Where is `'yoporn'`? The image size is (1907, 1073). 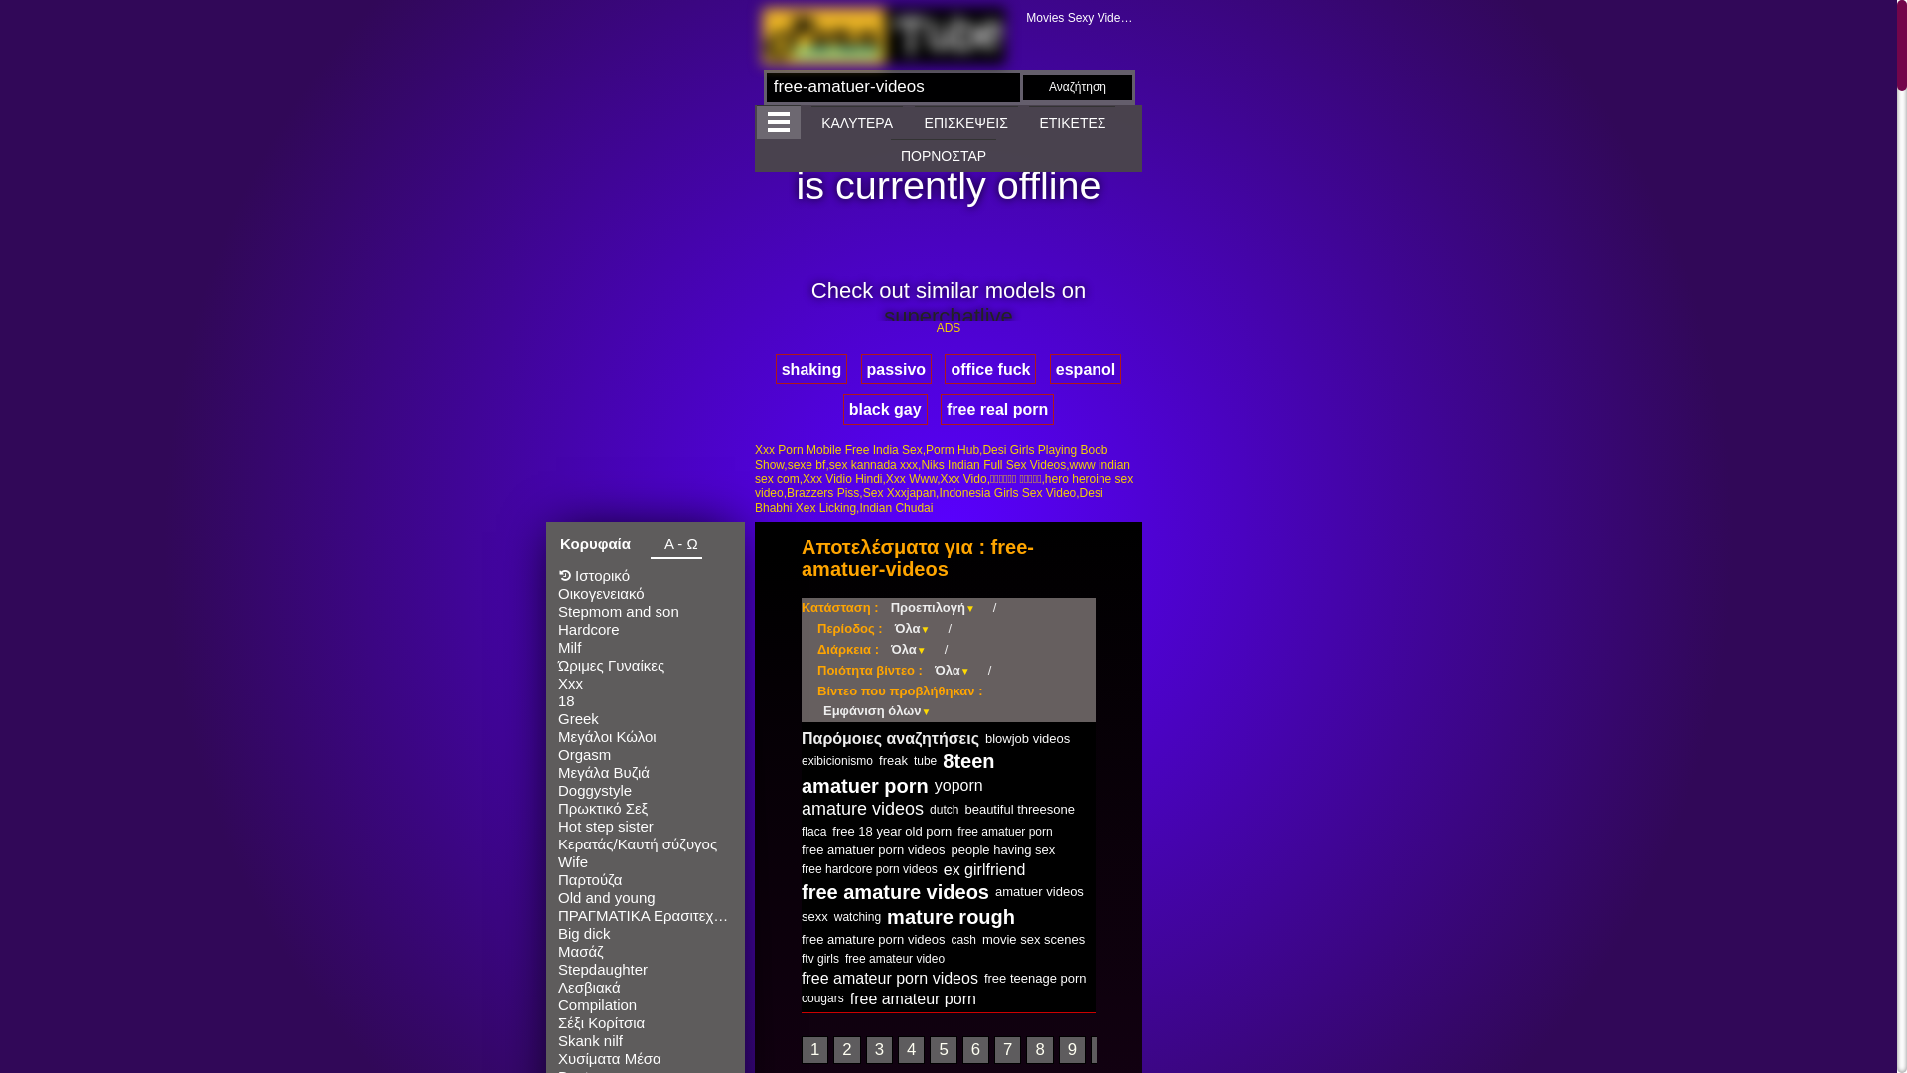
'yoporn' is located at coordinates (958, 784).